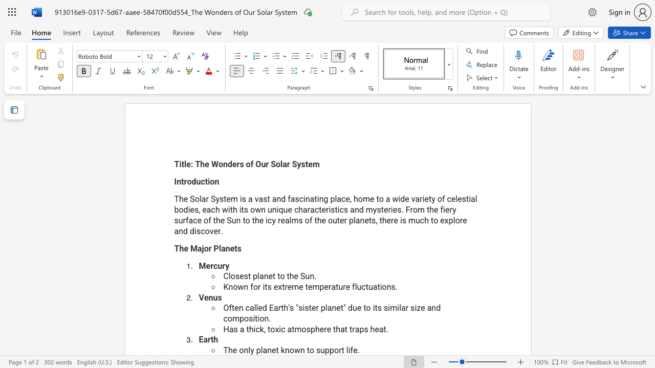 This screenshot has width=655, height=368. Describe the element at coordinates (324, 350) in the screenshot. I see `the subset text "pport" within the text "The only planet known to support life."` at that location.